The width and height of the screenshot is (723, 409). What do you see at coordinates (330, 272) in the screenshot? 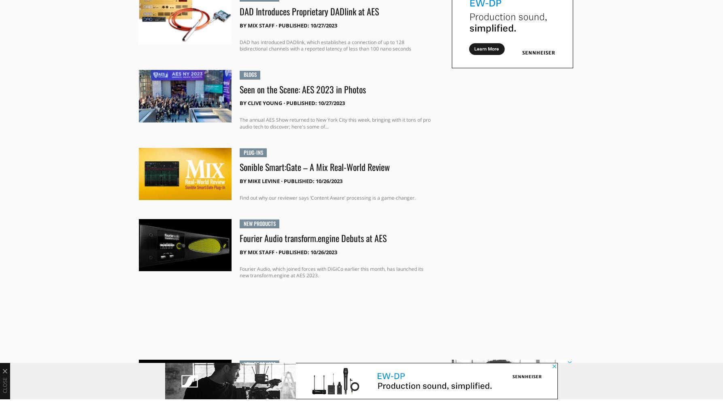
I see `'Fourier Audio, which joined forces with DiGiCo earlier this month, has launched its new transform.engine at AES 2023.'` at bounding box center [330, 272].